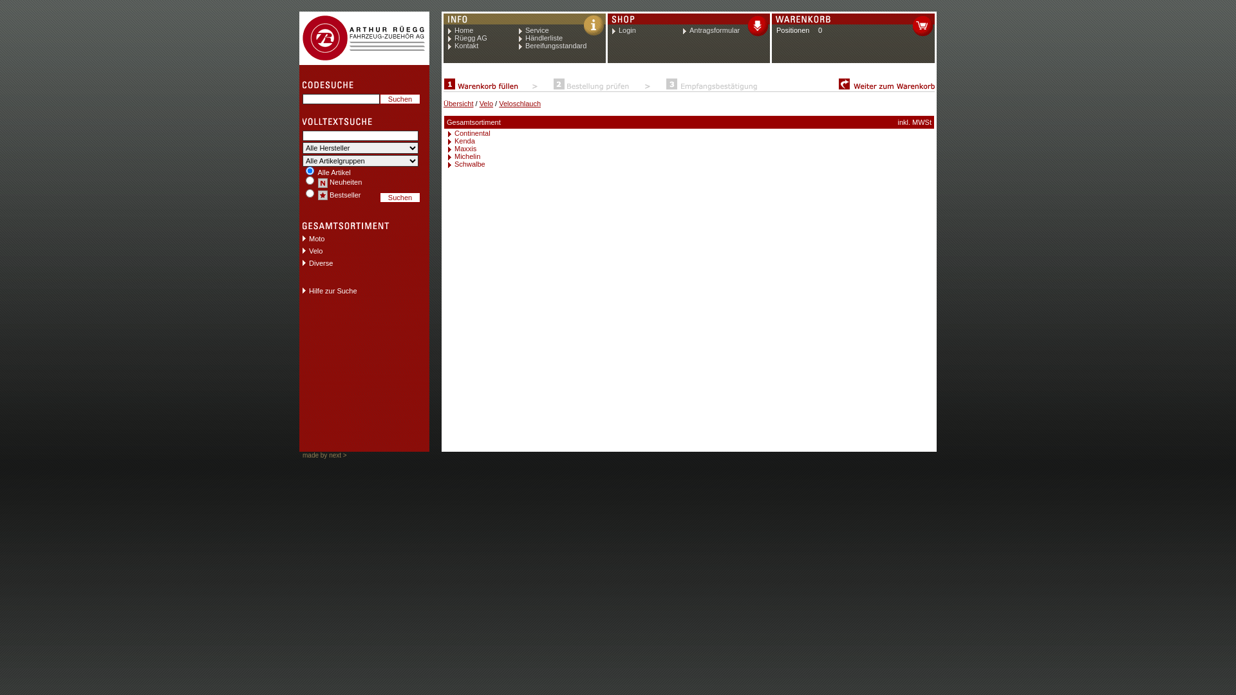 Image resolution: width=1236 pixels, height=695 pixels. I want to click on 'Antragsformular', so click(725, 29).